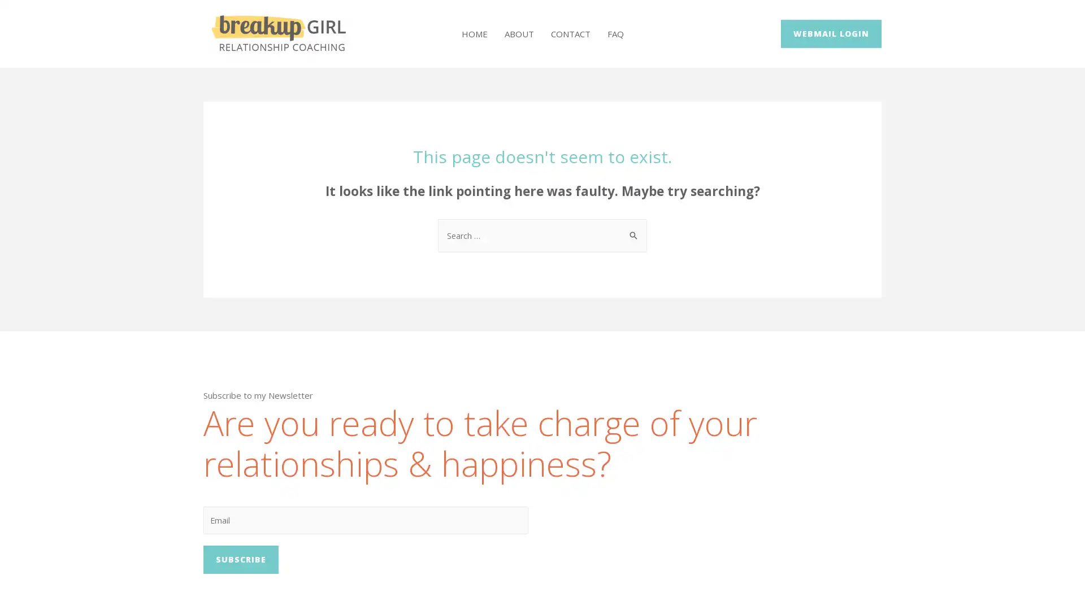 The image size is (1085, 610). I want to click on Search, so click(634, 229).